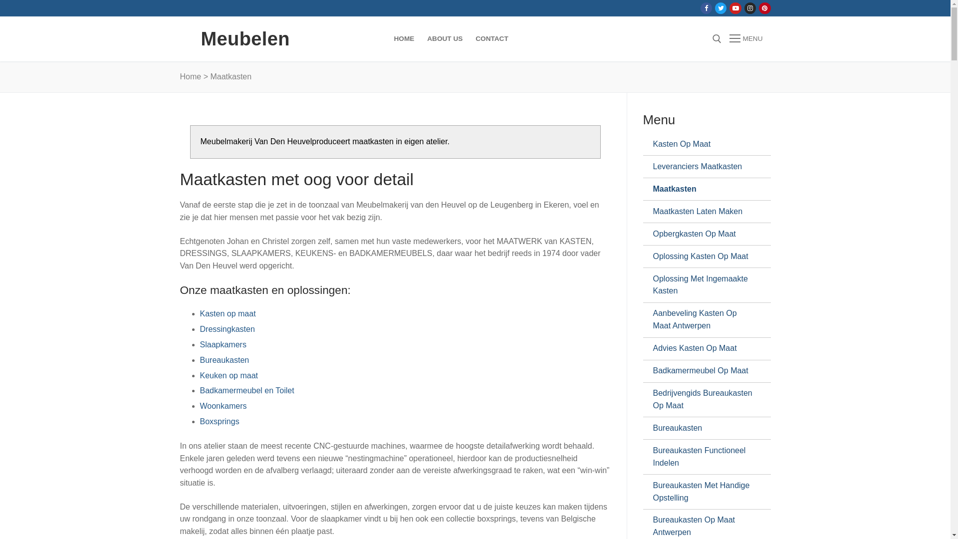  I want to click on 'Opbergkasten Op Maat', so click(702, 234).